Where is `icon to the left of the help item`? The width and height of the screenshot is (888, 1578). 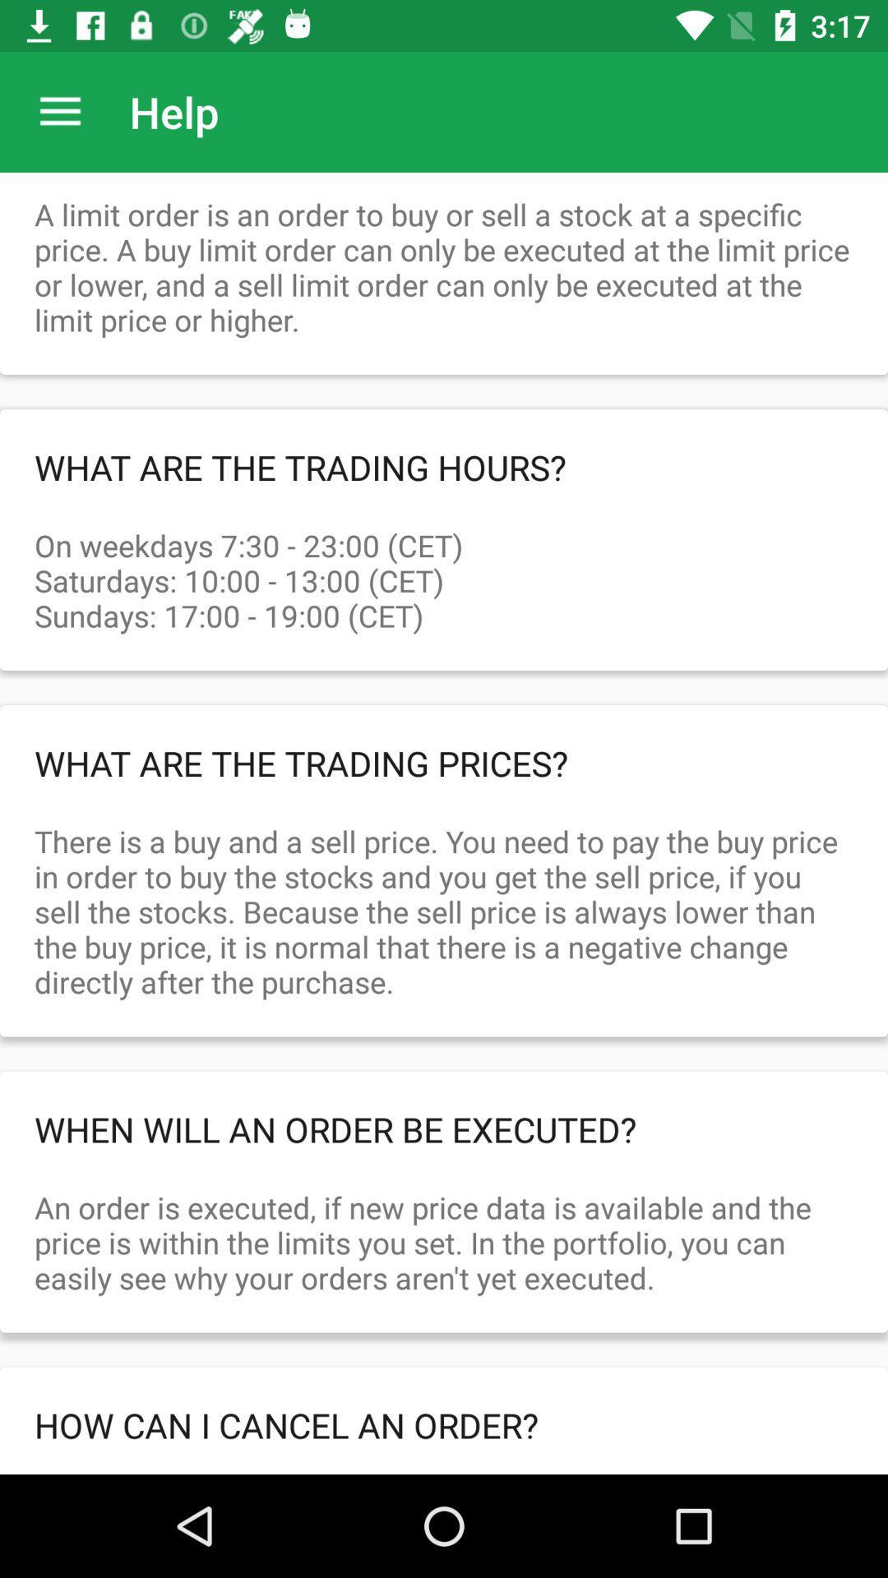
icon to the left of the help item is located at coordinates (59, 111).